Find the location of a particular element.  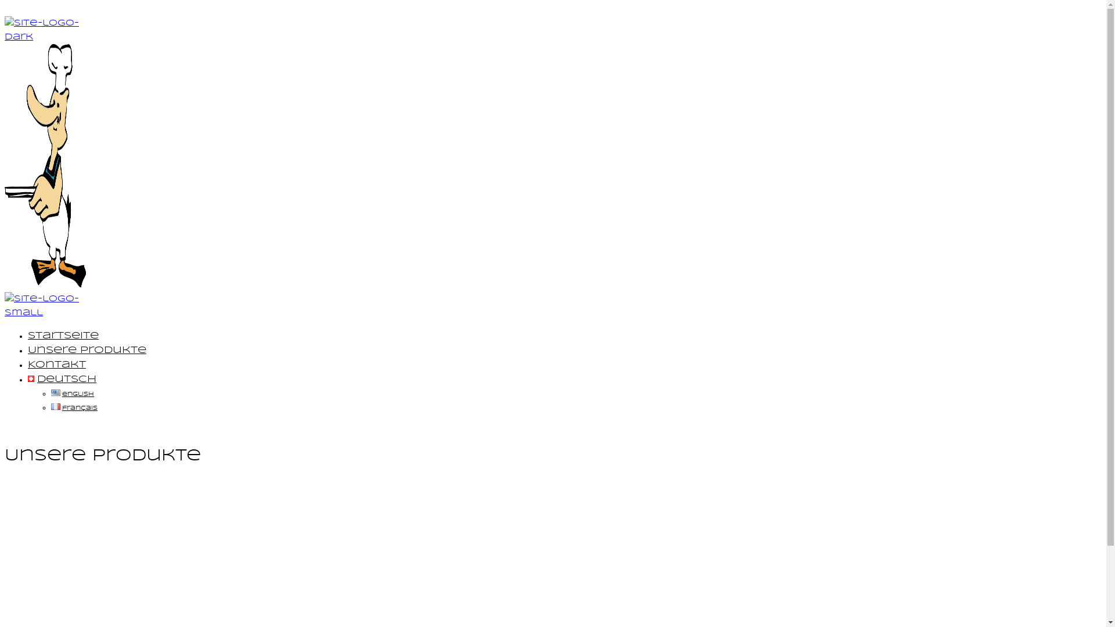

'Kontakt' is located at coordinates (56, 364).